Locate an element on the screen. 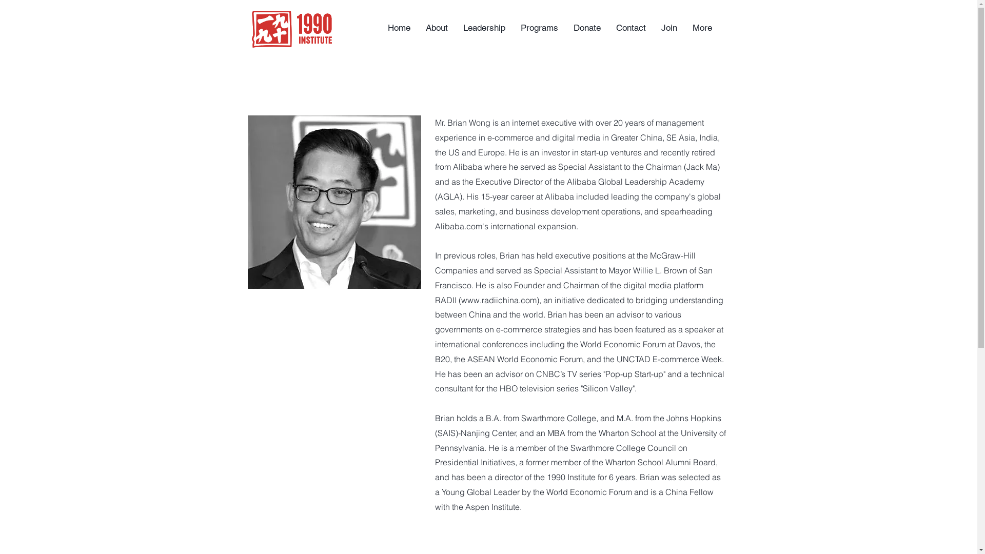 The image size is (985, 554). 'Join' is located at coordinates (653, 27).